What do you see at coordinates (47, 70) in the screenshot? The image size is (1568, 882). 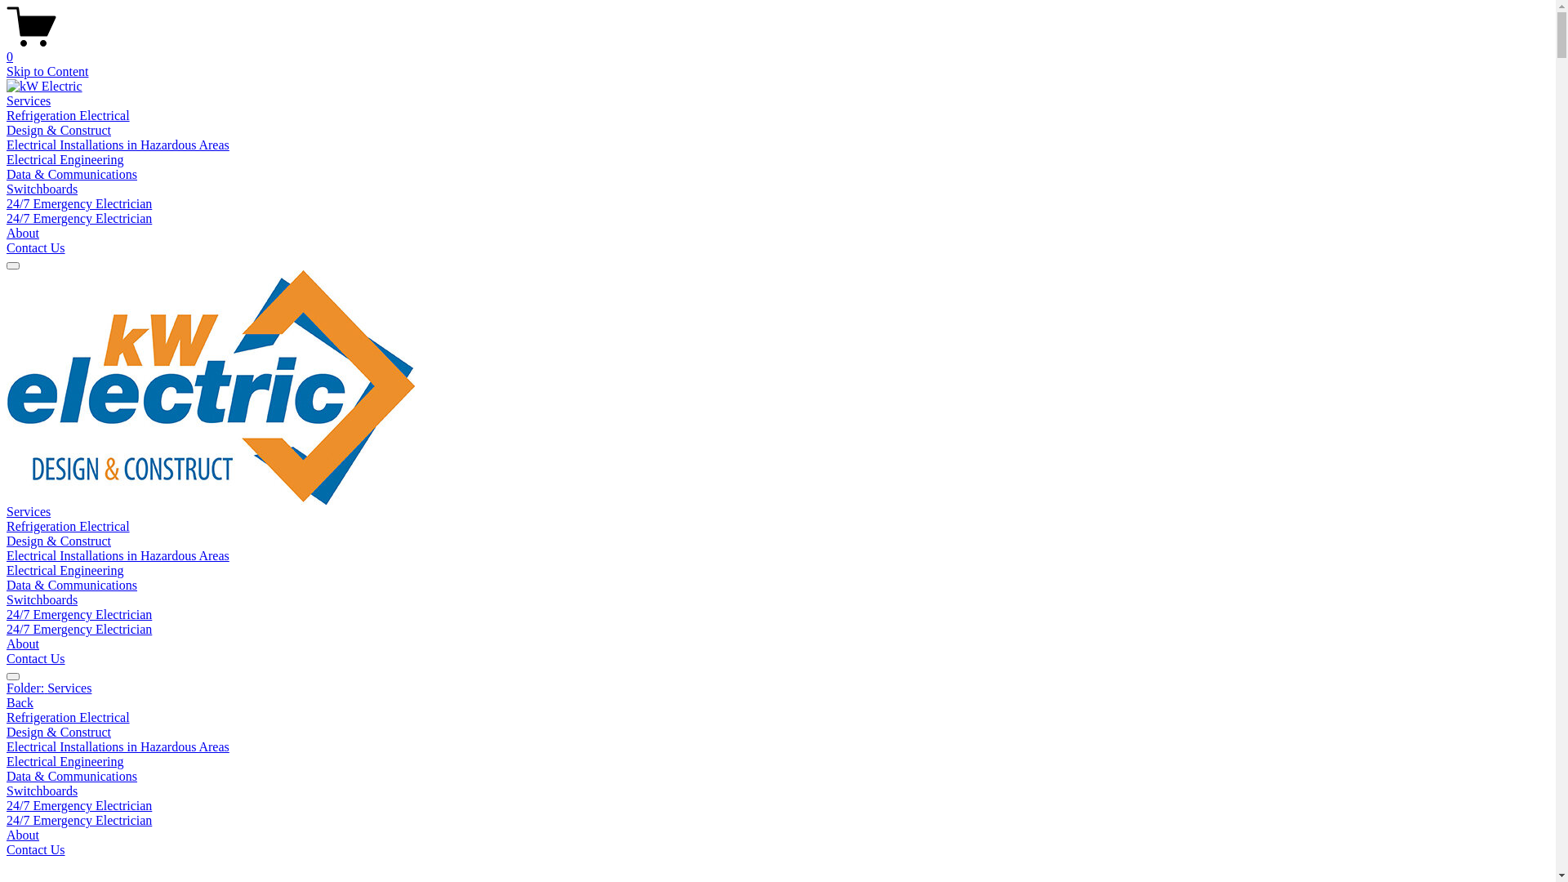 I see `'Skip to Content'` at bounding box center [47, 70].